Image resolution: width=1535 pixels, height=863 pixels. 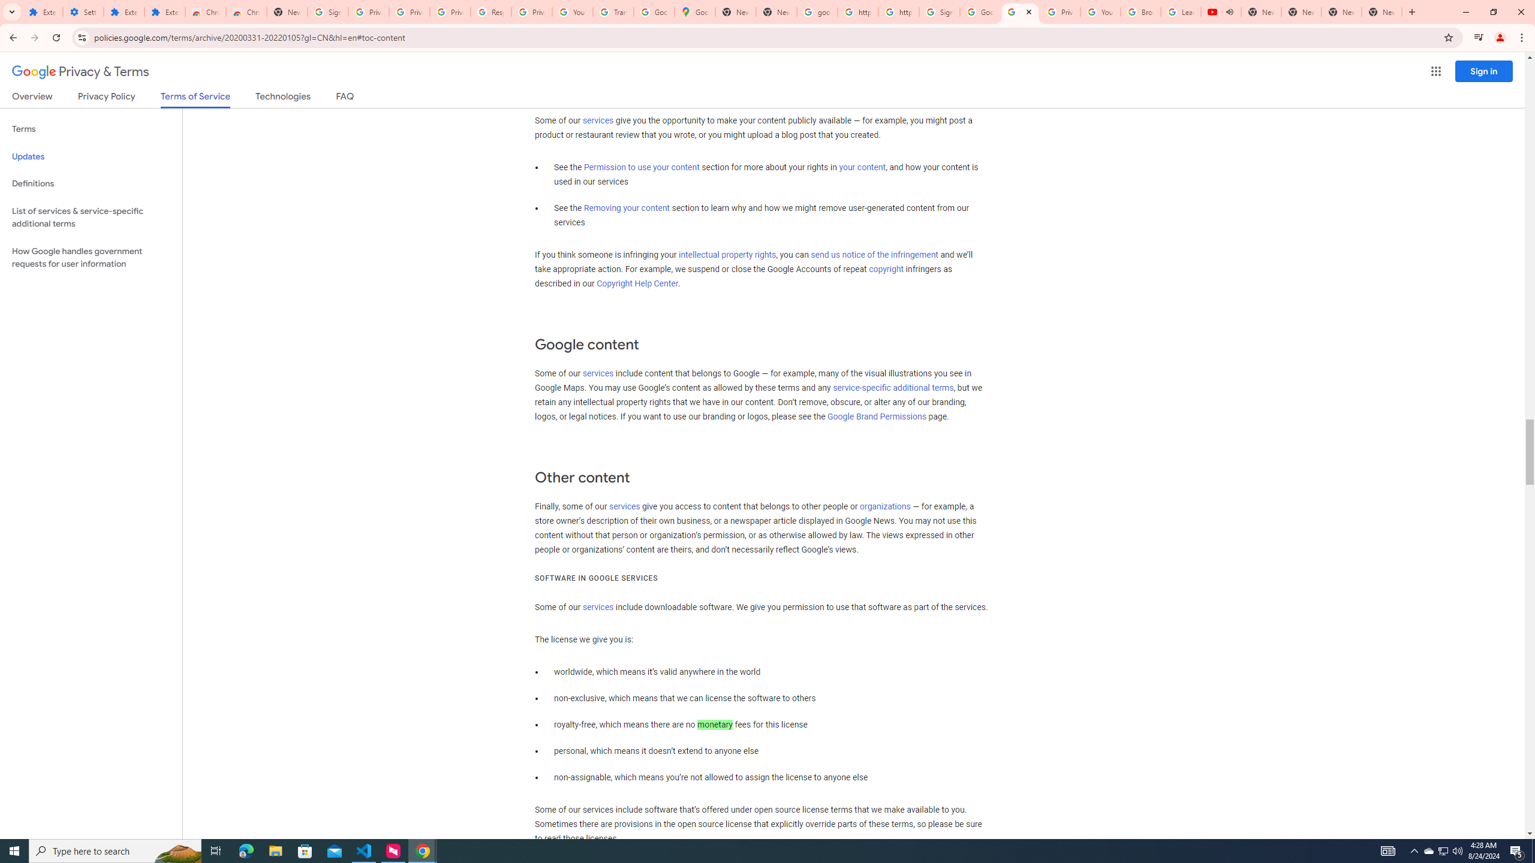 I want to click on 'Chrome Web Store', so click(x=205, y=11).